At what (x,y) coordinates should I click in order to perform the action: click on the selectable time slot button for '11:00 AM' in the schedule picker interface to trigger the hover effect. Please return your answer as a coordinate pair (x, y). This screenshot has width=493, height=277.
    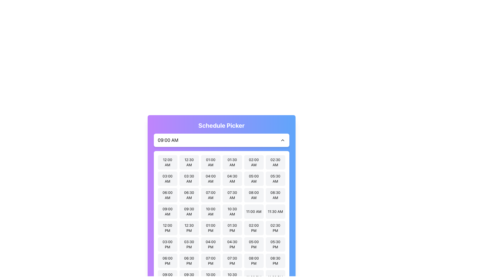
    Looking at the image, I should click on (254, 212).